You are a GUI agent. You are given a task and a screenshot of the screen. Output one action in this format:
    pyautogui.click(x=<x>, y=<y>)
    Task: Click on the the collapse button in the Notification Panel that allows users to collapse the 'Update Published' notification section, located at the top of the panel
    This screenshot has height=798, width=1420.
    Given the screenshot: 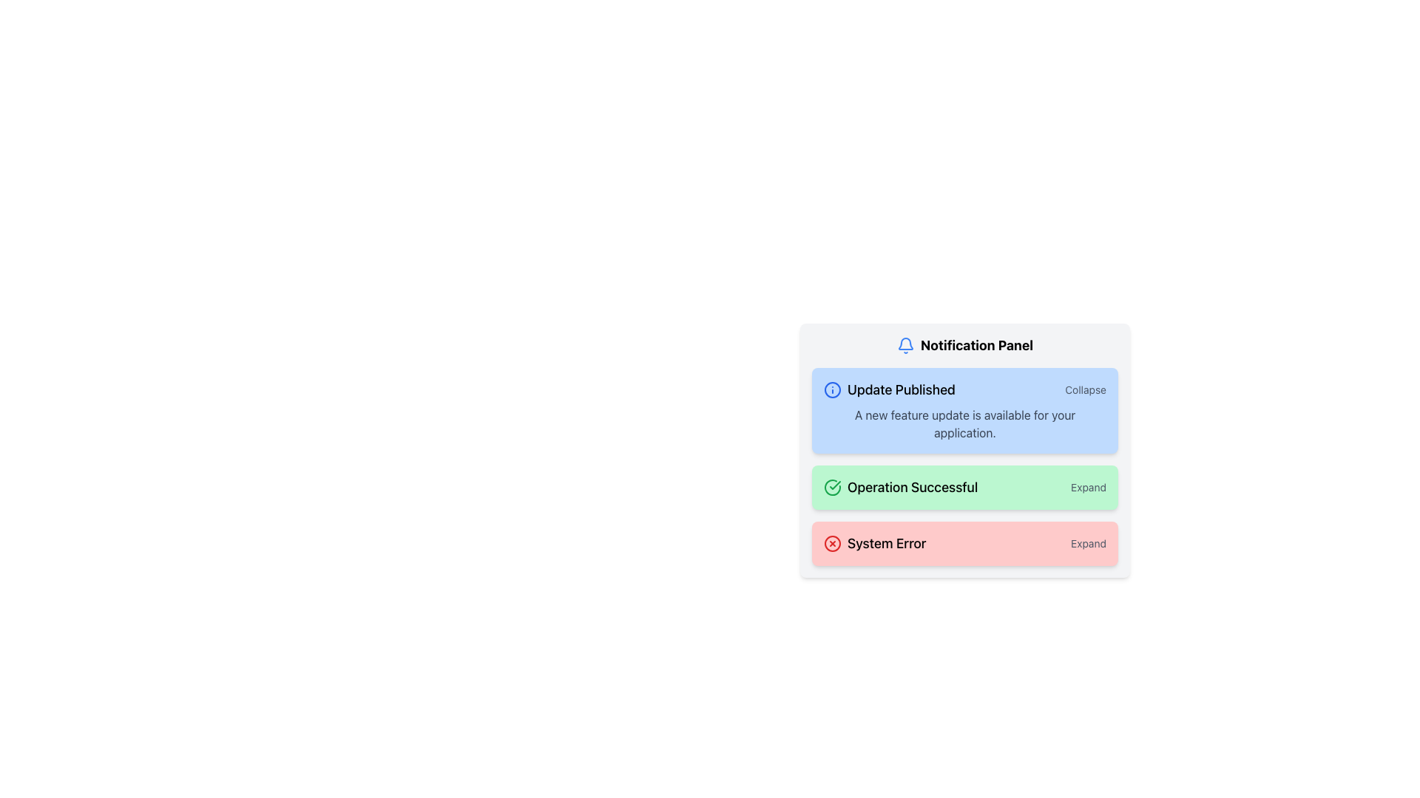 What is the action you would take?
    pyautogui.click(x=1086, y=389)
    